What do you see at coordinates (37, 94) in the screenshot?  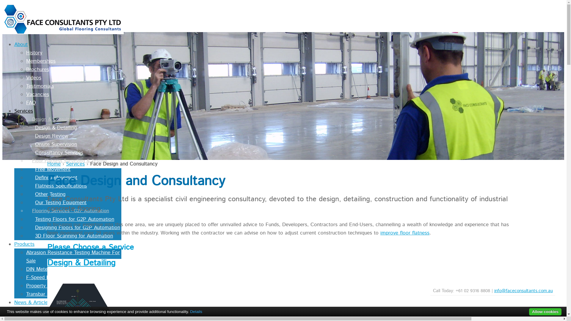 I see `'Vacancies'` at bounding box center [37, 94].